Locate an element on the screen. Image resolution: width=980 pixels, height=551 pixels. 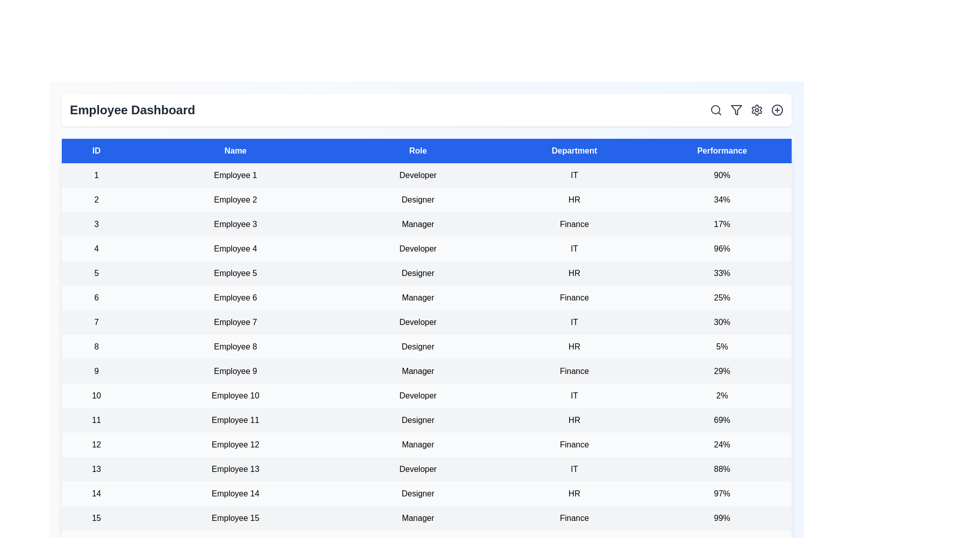
the filter icon to open the filter options is located at coordinates (737, 110).